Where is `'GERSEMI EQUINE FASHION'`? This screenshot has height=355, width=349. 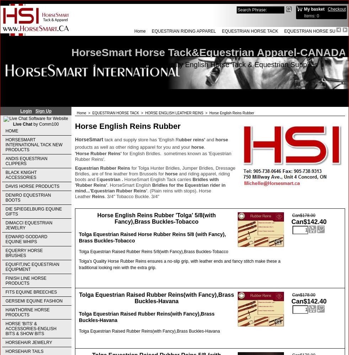
'GERSEMI EQUINE FASHION' is located at coordinates (33, 301).